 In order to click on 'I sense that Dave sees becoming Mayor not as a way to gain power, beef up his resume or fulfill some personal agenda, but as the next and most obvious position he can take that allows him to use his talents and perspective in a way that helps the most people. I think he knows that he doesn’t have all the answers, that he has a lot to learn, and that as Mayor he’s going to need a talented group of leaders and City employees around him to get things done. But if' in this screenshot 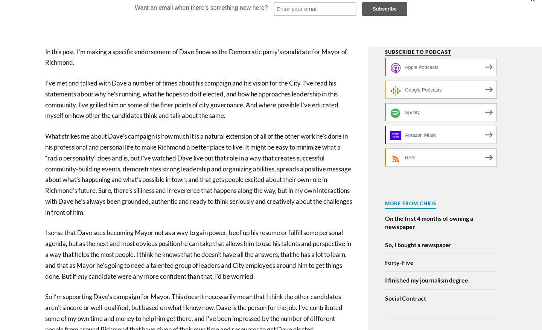, I will do `click(198, 254)`.